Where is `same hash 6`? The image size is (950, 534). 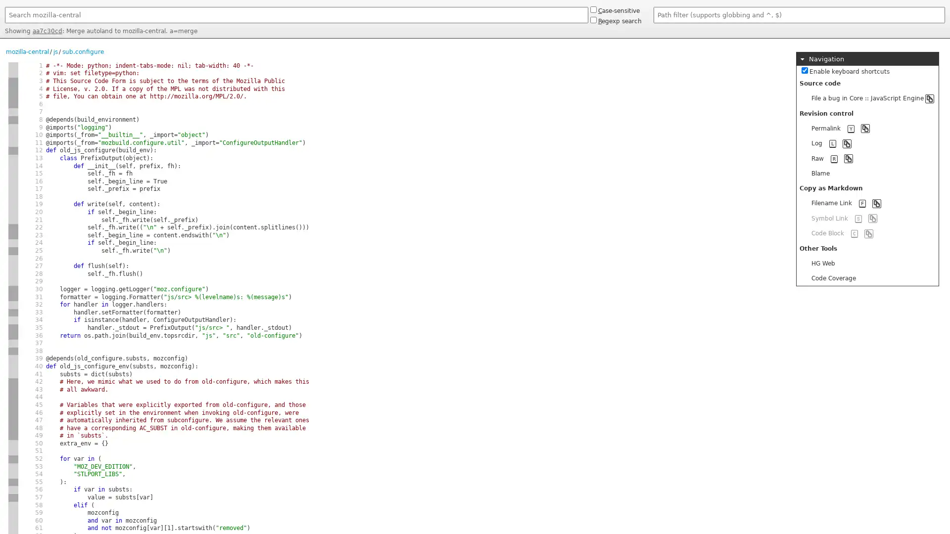
same hash 6 is located at coordinates (13, 219).